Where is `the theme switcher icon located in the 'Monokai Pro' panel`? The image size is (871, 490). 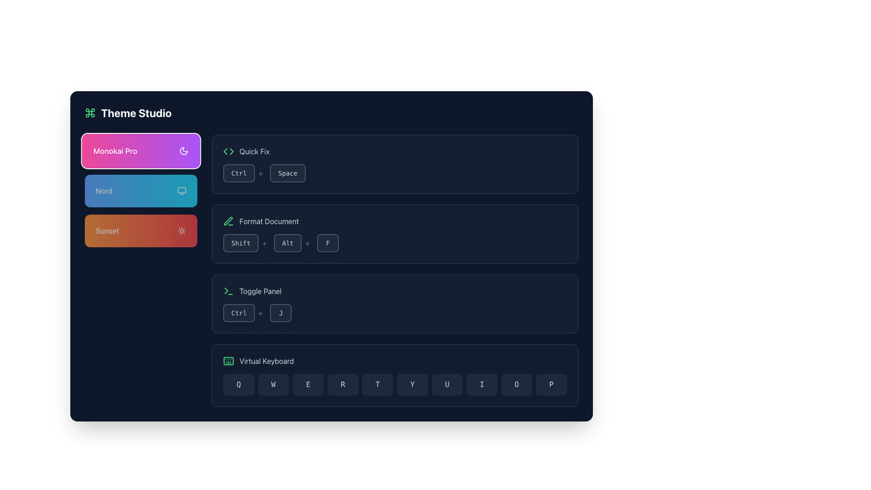
the theme switcher icon located in the 'Monokai Pro' panel is located at coordinates (183, 150).